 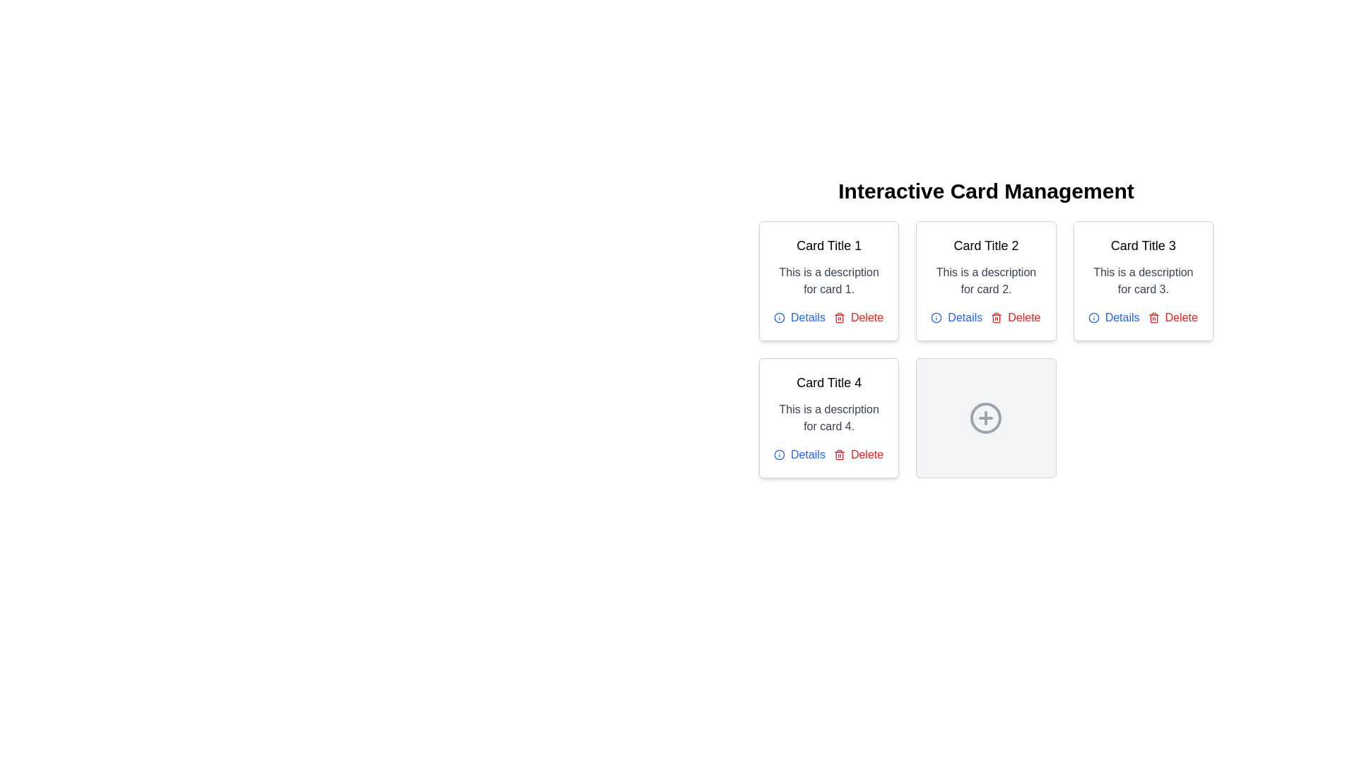 I want to click on the Text Label that serves as the title for the card located in the top-right grid slot of a 2x3 layout, so click(x=1143, y=244).